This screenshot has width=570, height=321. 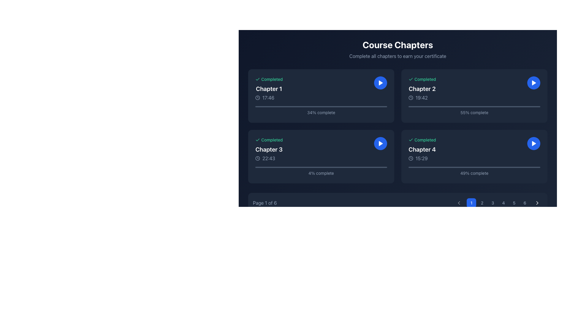 I want to click on the clock icon located in the 'Chapter 4' row, adjacent to the time text '15:29', so click(x=410, y=158).